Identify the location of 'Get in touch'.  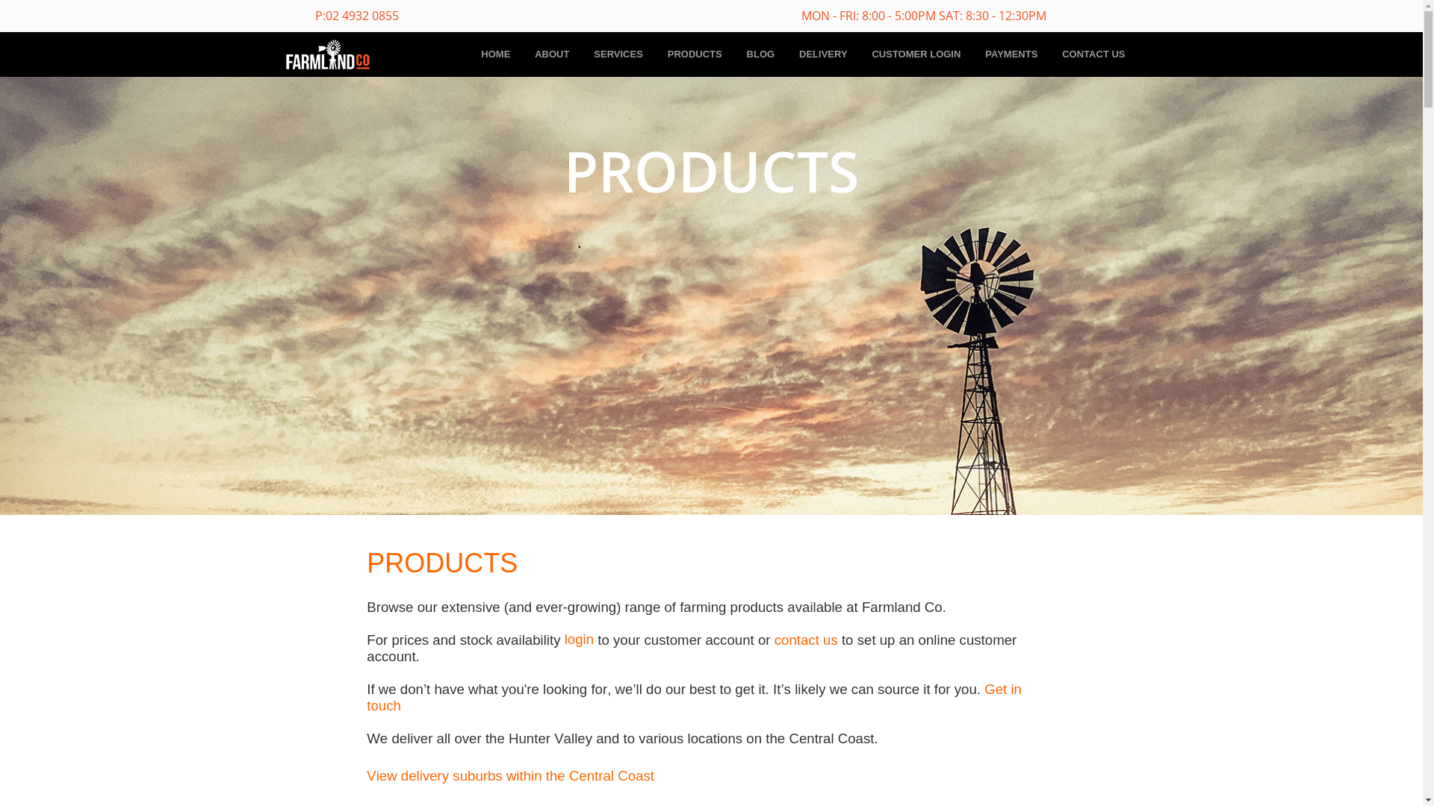
(693, 697).